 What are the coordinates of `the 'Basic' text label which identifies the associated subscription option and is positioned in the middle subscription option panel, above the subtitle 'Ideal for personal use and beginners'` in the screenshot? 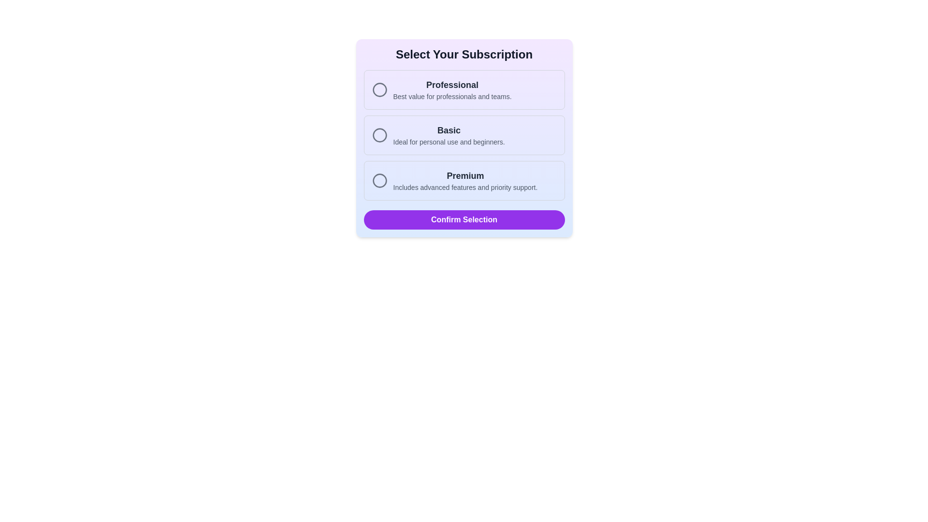 It's located at (449, 130).